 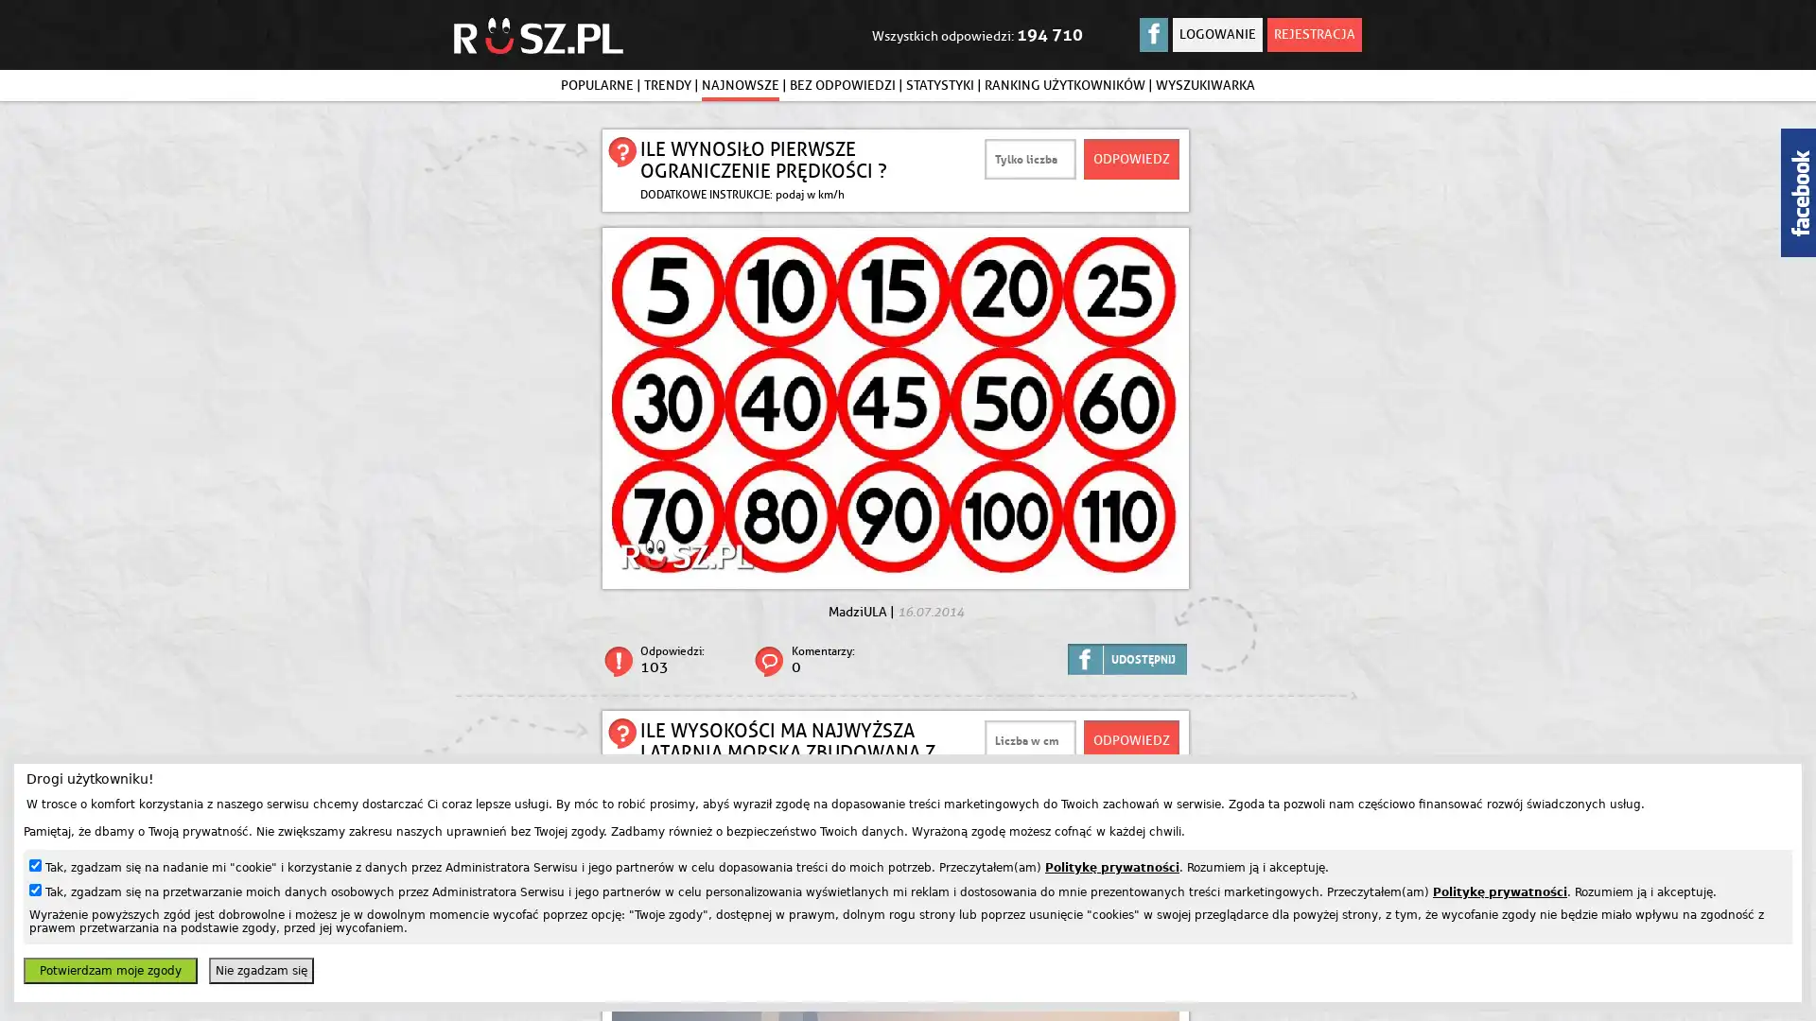 I want to click on Nie zgadzam sie, so click(x=260, y=970).